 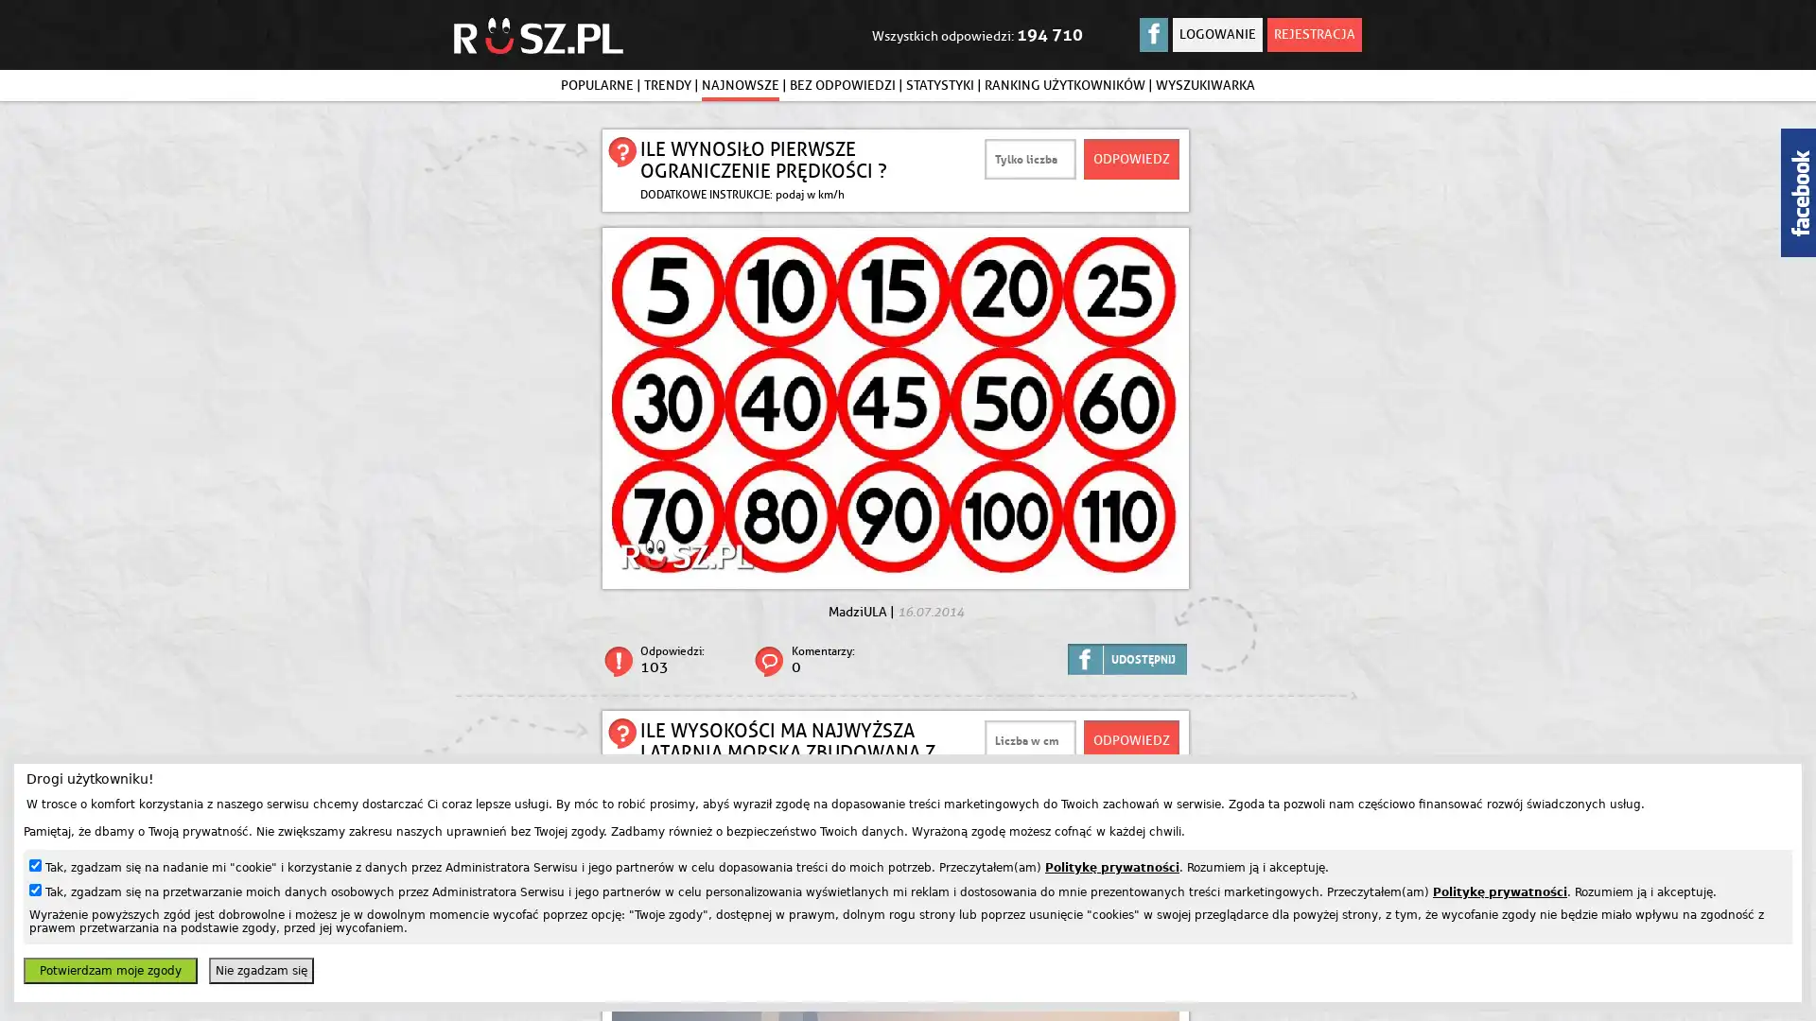 I want to click on Nie zgadzam sie, so click(x=260, y=970).